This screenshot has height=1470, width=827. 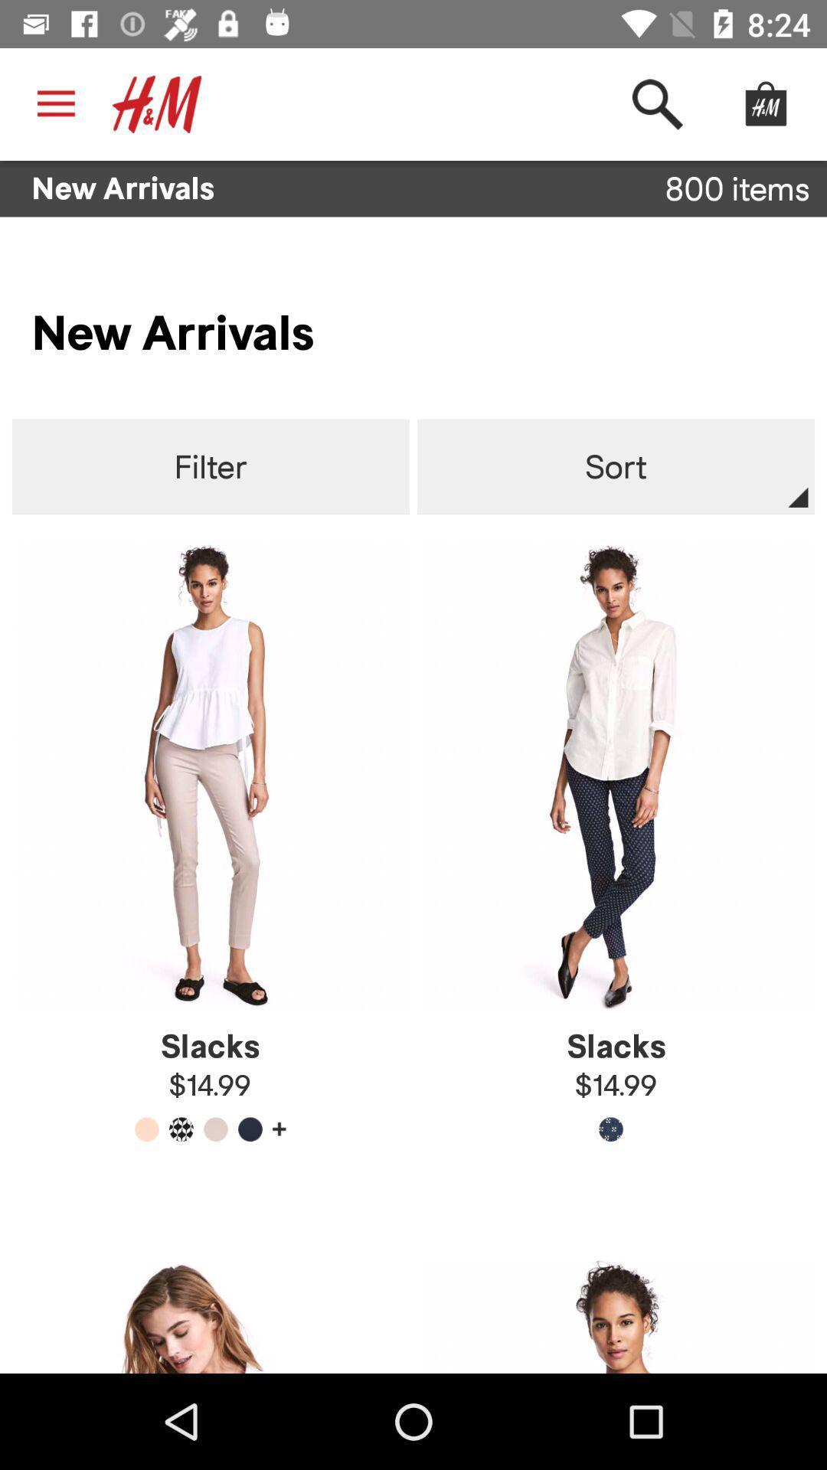 I want to click on the item next to sort, so click(x=211, y=466).